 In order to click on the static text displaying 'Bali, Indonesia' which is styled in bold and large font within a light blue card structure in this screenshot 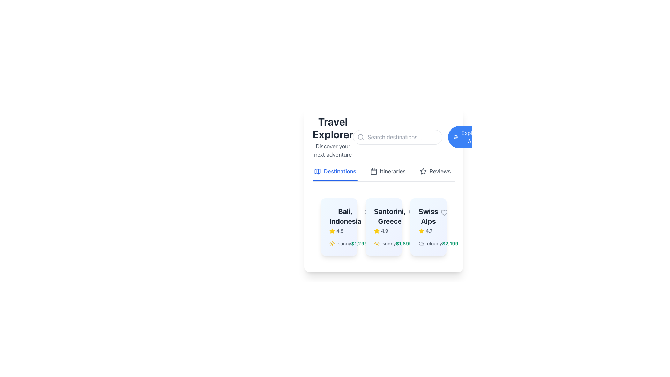, I will do `click(345, 216)`.